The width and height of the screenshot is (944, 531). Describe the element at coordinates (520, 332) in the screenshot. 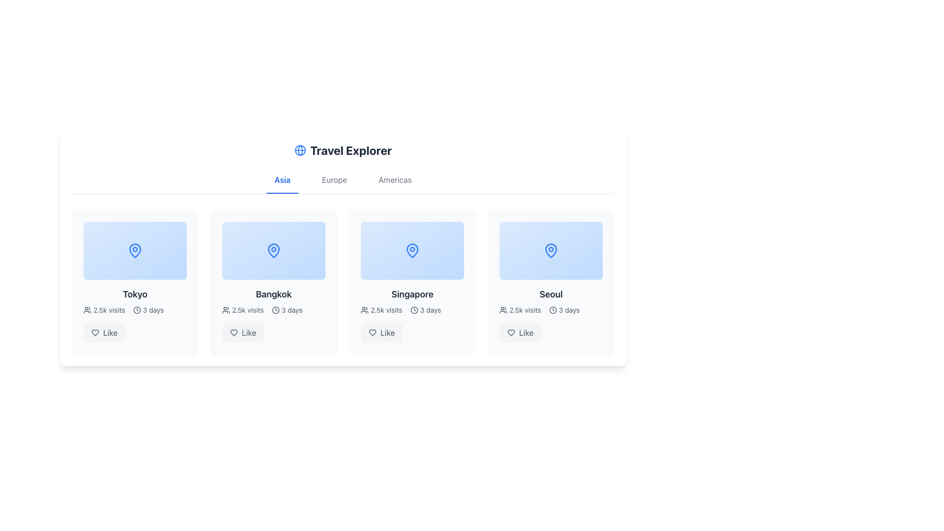

I see `the like button located at the bottom right of the 'Seoul' card` at that location.